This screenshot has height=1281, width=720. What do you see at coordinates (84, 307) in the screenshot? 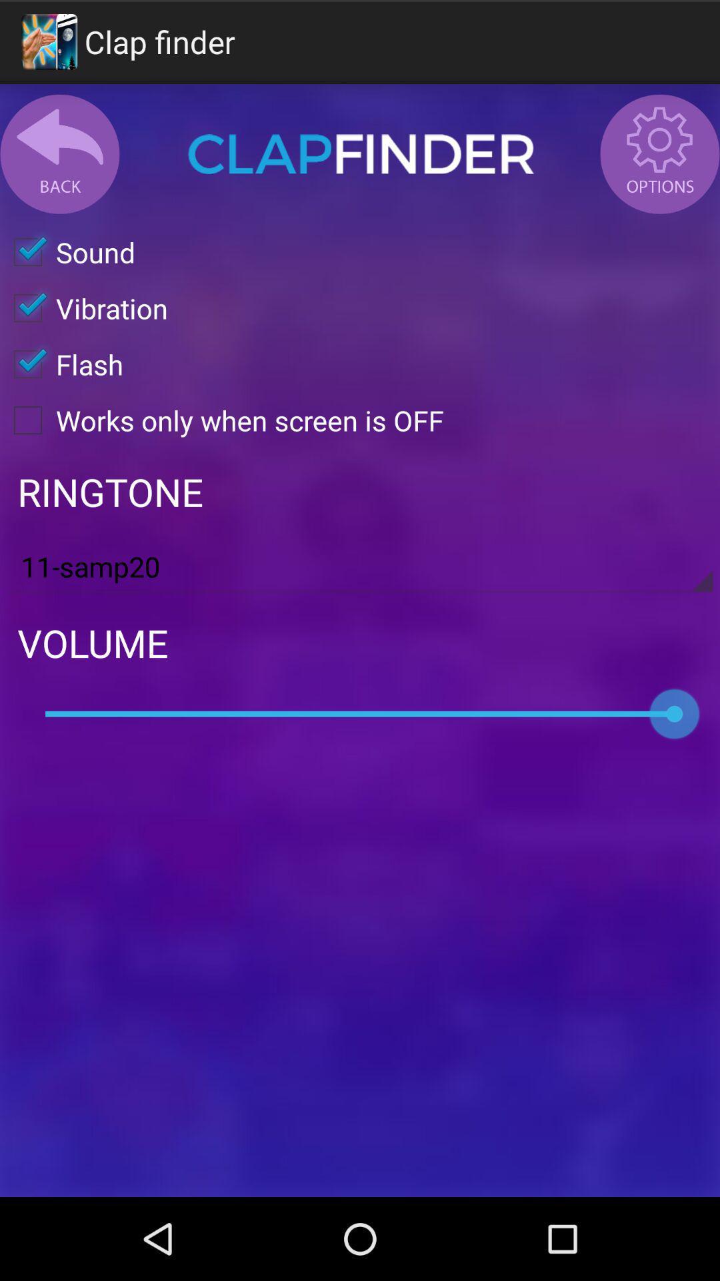
I see `the checkbox below the sound item` at bounding box center [84, 307].